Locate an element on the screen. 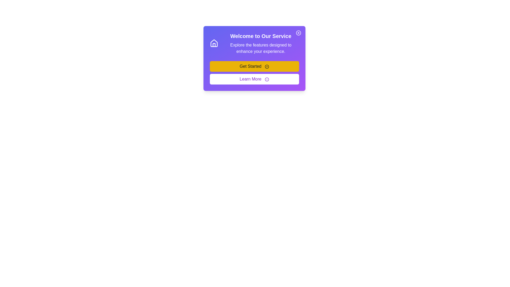 The image size is (510, 287). the house icon with white strokes on a purple background, located at the top left of the welcome message box is located at coordinates (214, 43).